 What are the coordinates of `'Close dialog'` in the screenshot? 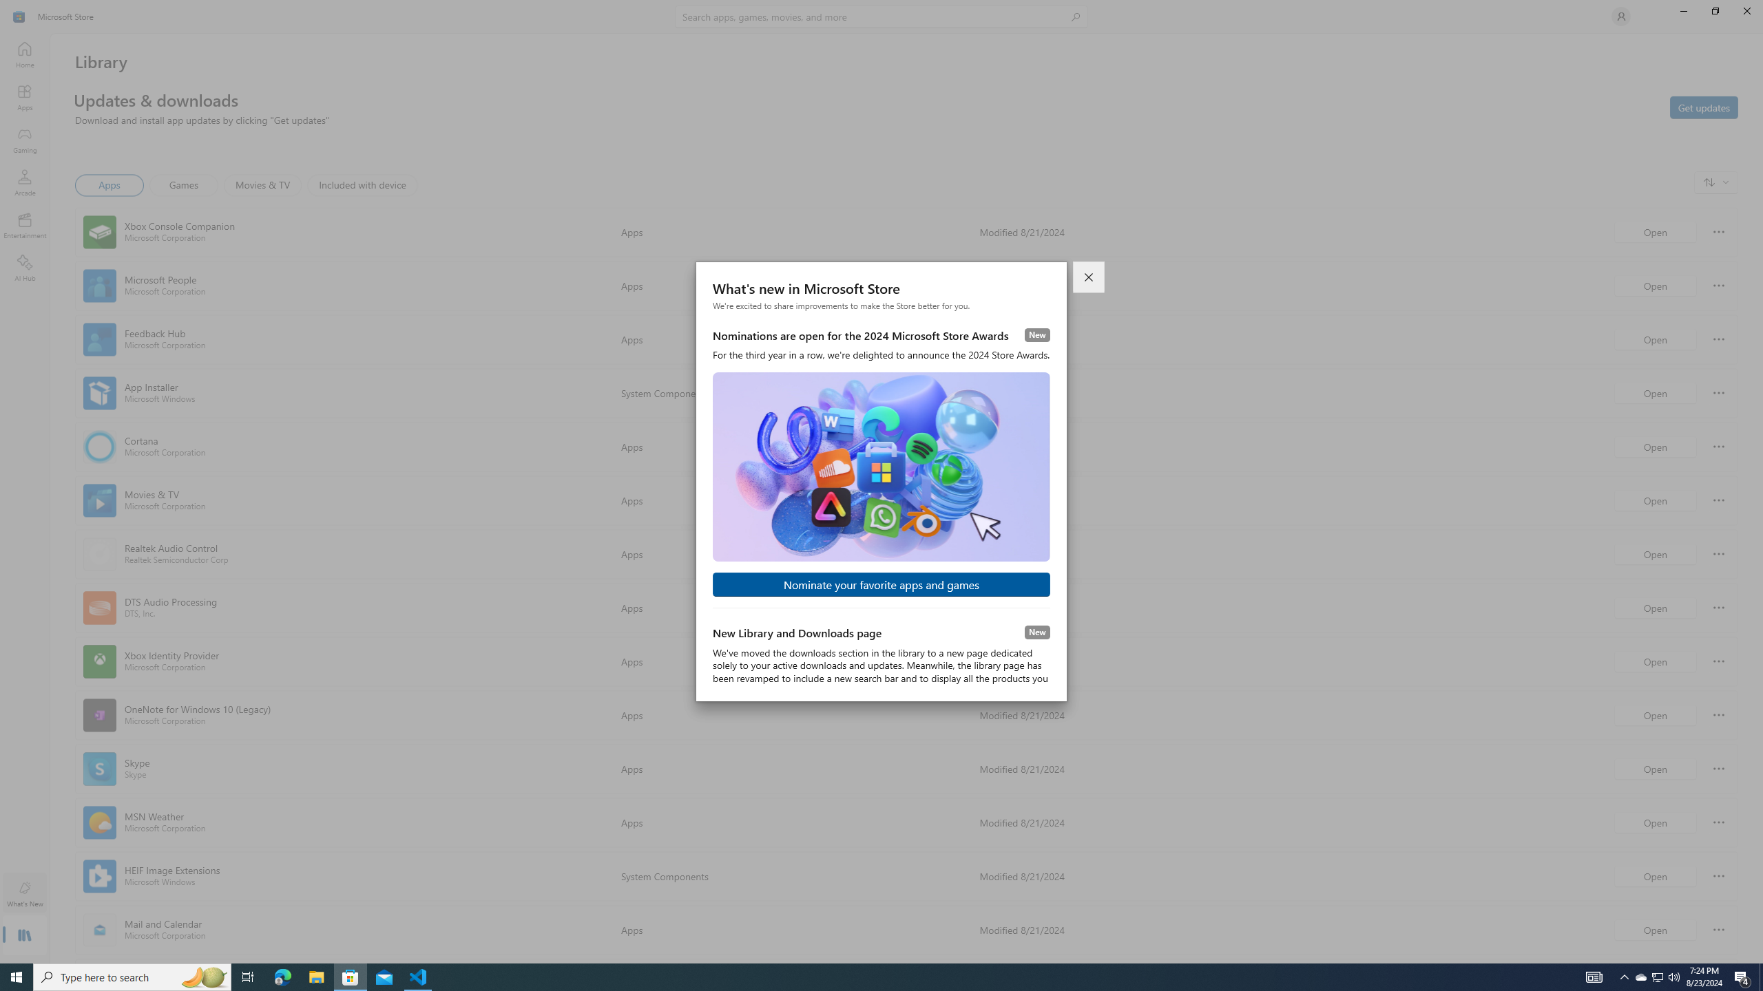 It's located at (1089, 277).